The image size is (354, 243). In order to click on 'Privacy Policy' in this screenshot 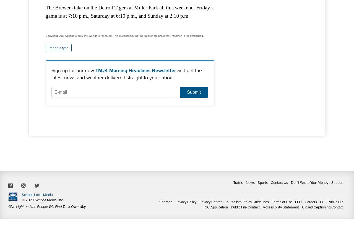, I will do `click(175, 201)`.